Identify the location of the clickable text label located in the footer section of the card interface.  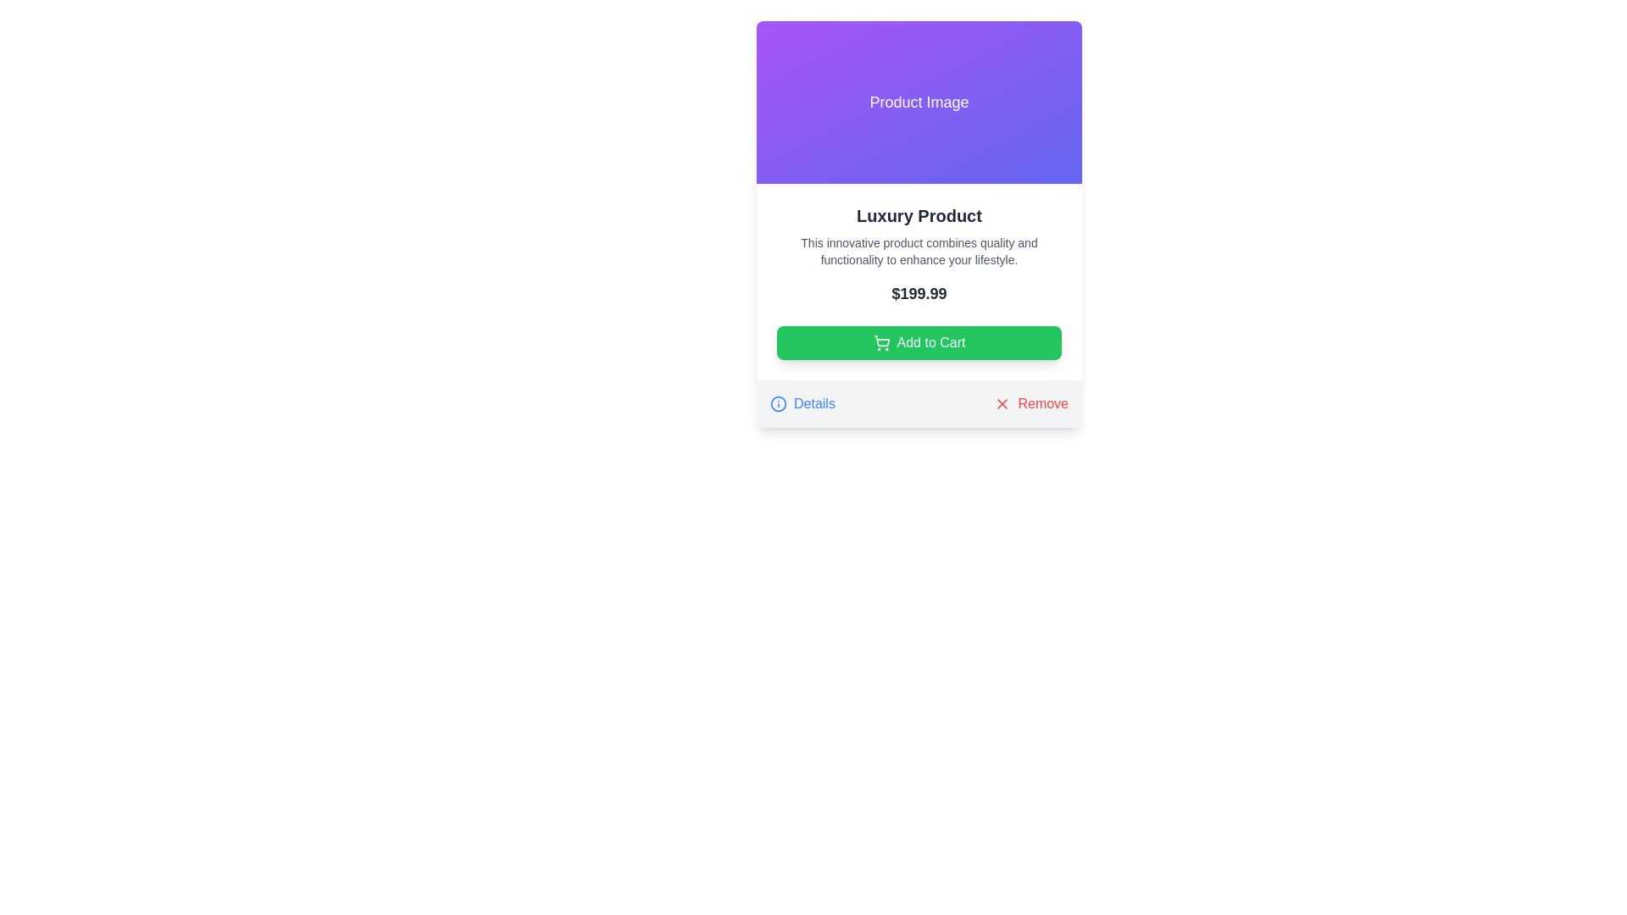
(814, 404).